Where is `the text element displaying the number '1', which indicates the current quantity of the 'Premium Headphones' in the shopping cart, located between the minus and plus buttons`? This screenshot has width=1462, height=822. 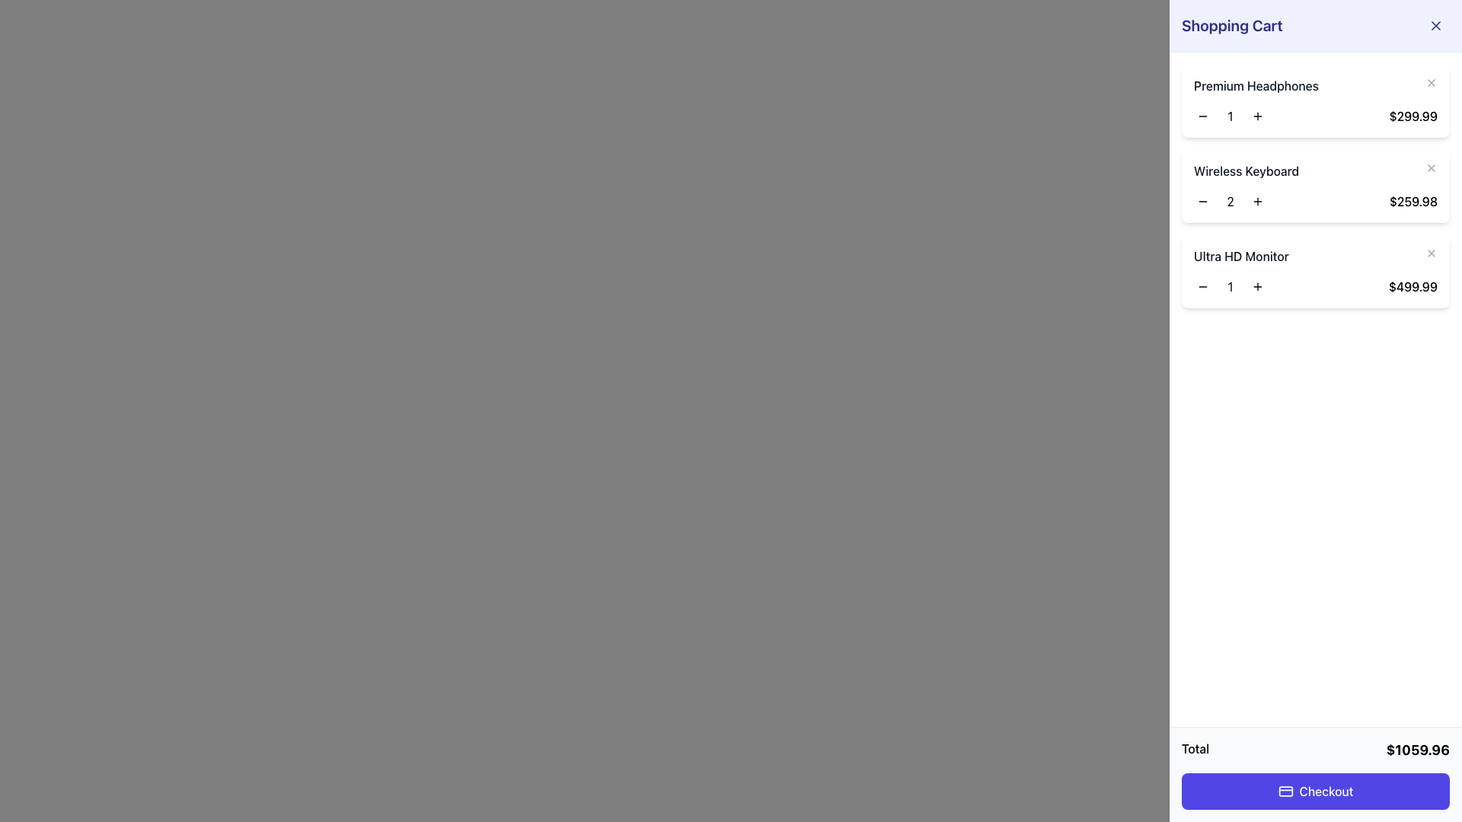
the text element displaying the number '1', which indicates the current quantity of the 'Premium Headphones' in the shopping cart, located between the minus and plus buttons is located at coordinates (1231, 116).